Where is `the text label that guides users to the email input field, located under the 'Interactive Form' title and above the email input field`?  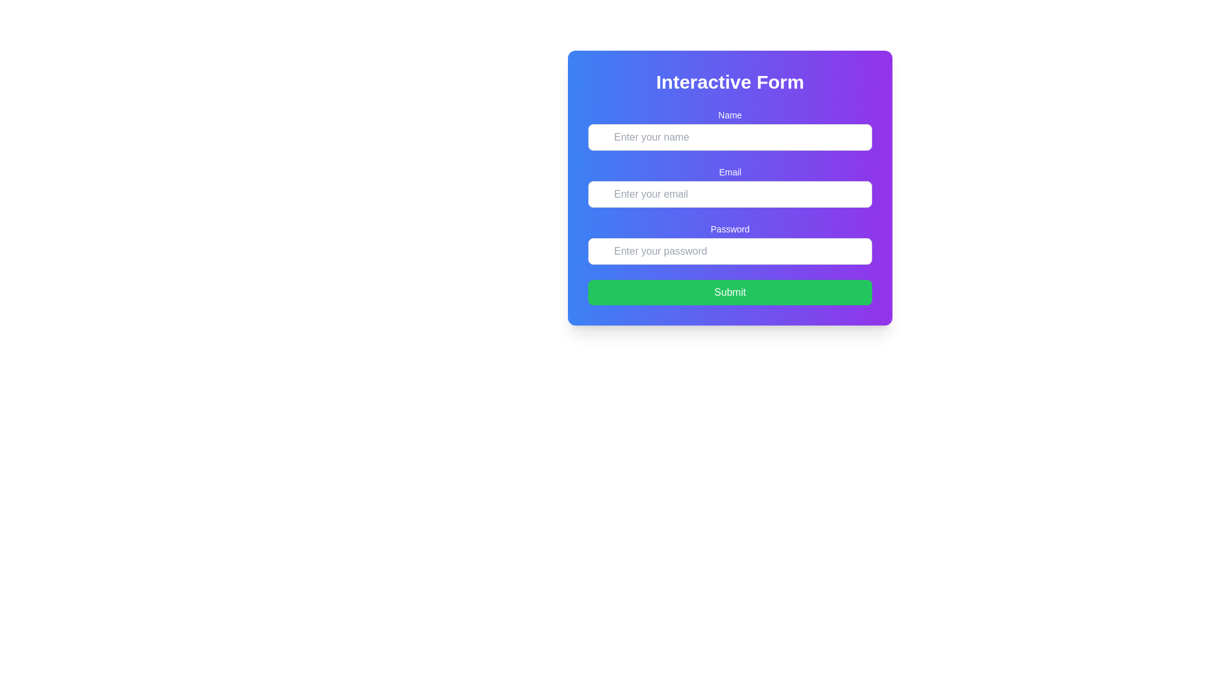
the text label that guides users to the email input field, located under the 'Interactive Form' title and above the email input field is located at coordinates (730, 172).